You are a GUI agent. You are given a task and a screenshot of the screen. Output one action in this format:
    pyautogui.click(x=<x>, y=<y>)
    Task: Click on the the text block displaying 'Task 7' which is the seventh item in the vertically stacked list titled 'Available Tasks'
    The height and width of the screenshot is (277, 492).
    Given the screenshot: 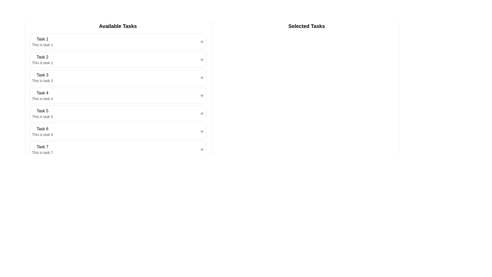 What is the action you would take?
    pyautogui.click(x=42, y=149)
    